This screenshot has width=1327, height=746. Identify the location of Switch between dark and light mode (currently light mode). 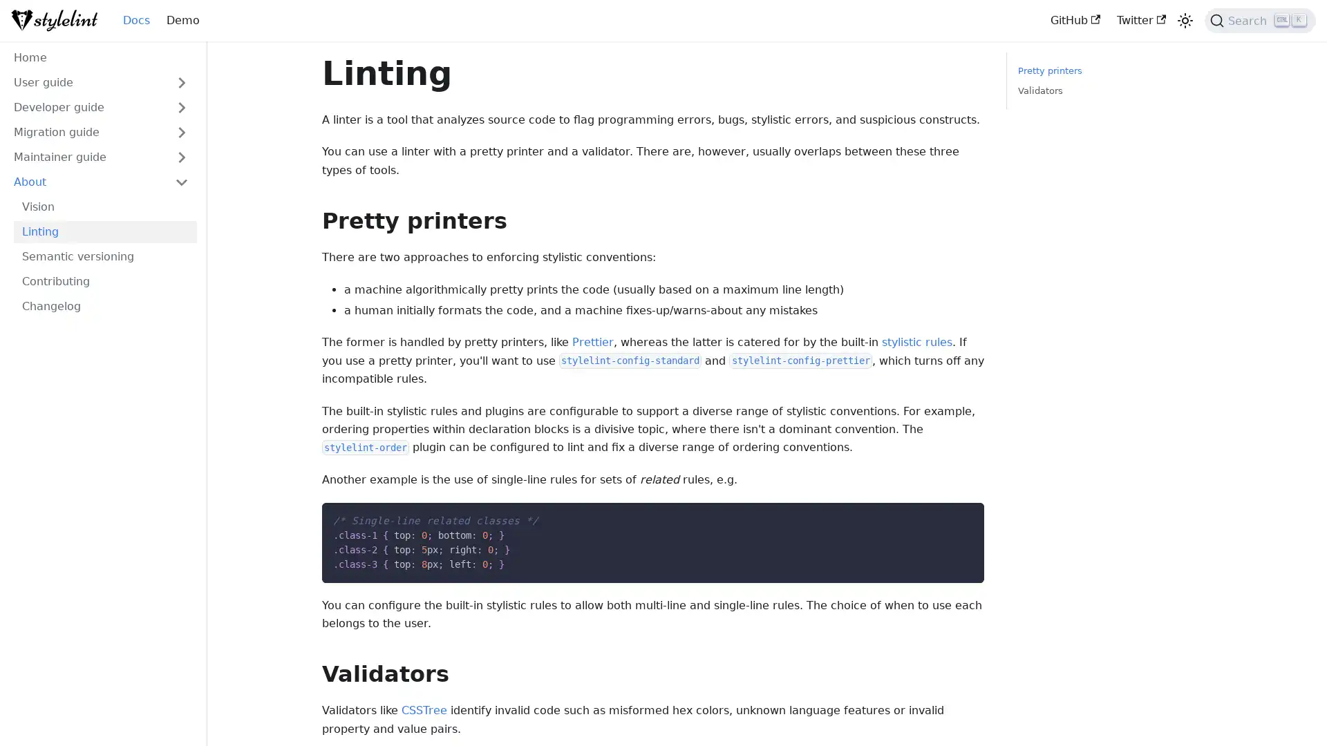
(1184, 21).